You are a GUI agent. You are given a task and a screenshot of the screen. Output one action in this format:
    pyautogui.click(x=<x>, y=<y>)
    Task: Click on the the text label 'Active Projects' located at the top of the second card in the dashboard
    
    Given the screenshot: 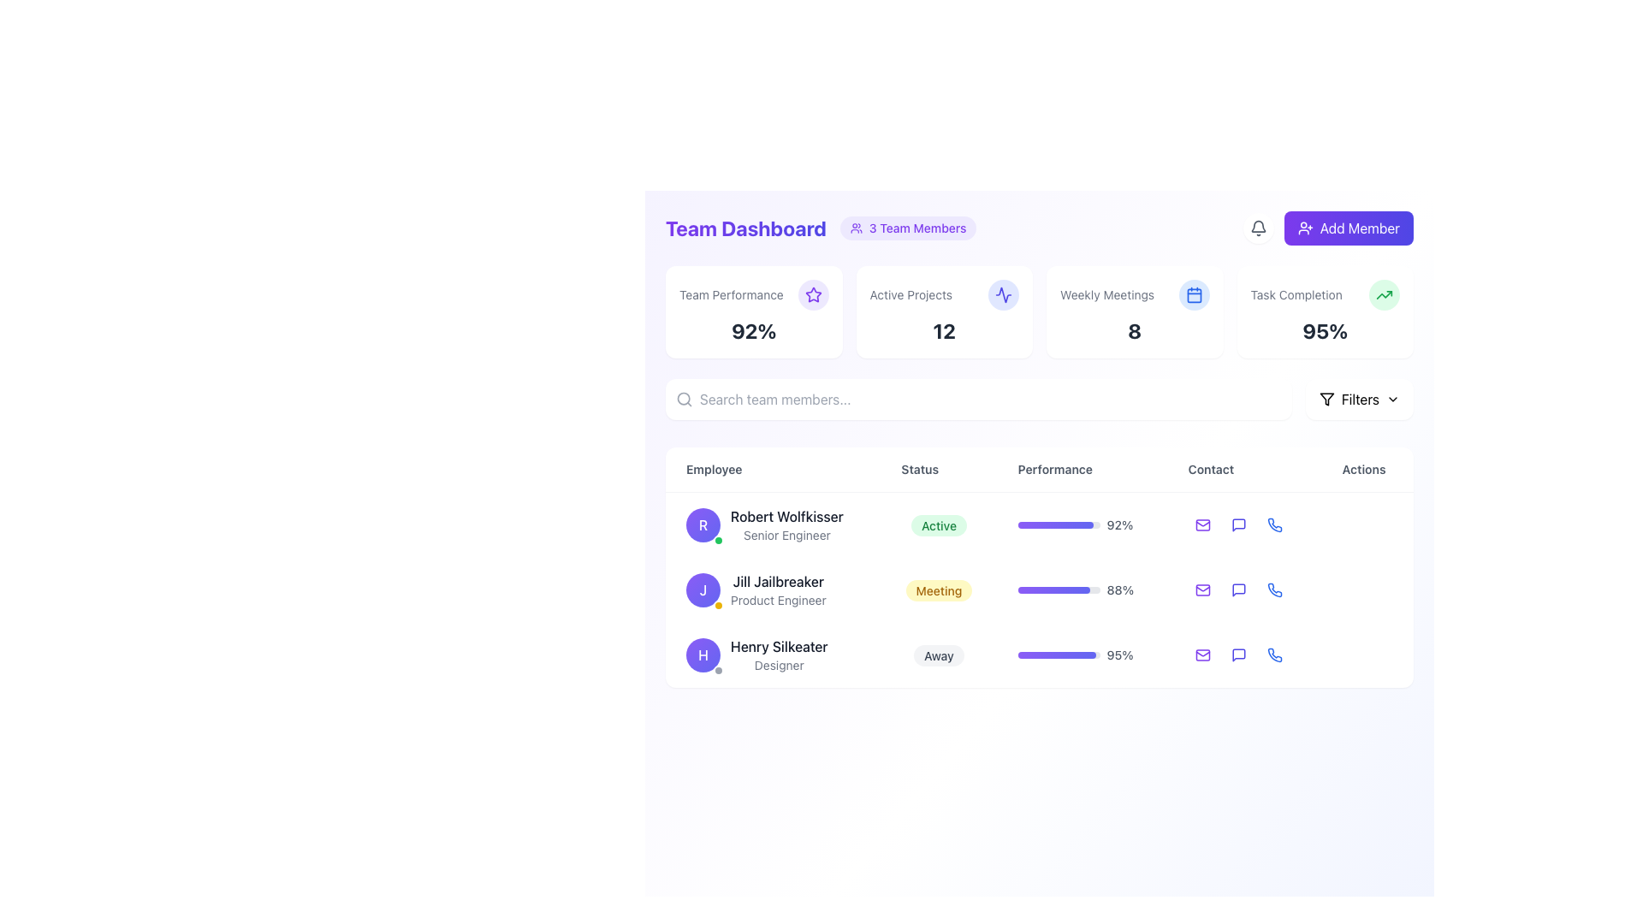 What is the action you would take?
    pyautogui.click(x=943, y=293)
    